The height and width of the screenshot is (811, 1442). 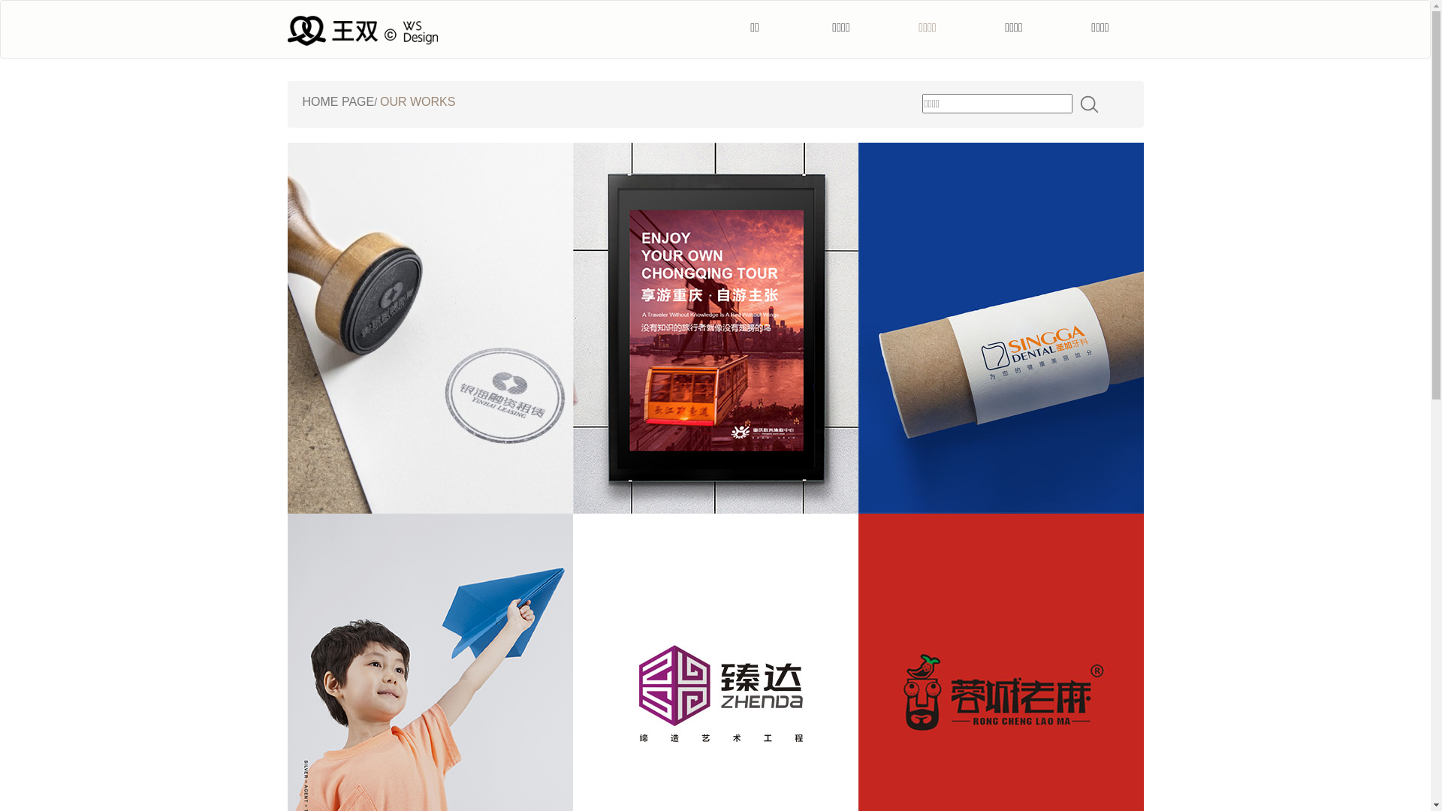 What do you see at coordinates (379, 101) in the screenshot?
I see `'OUR WORKS'` at bounding box center [379, 101].